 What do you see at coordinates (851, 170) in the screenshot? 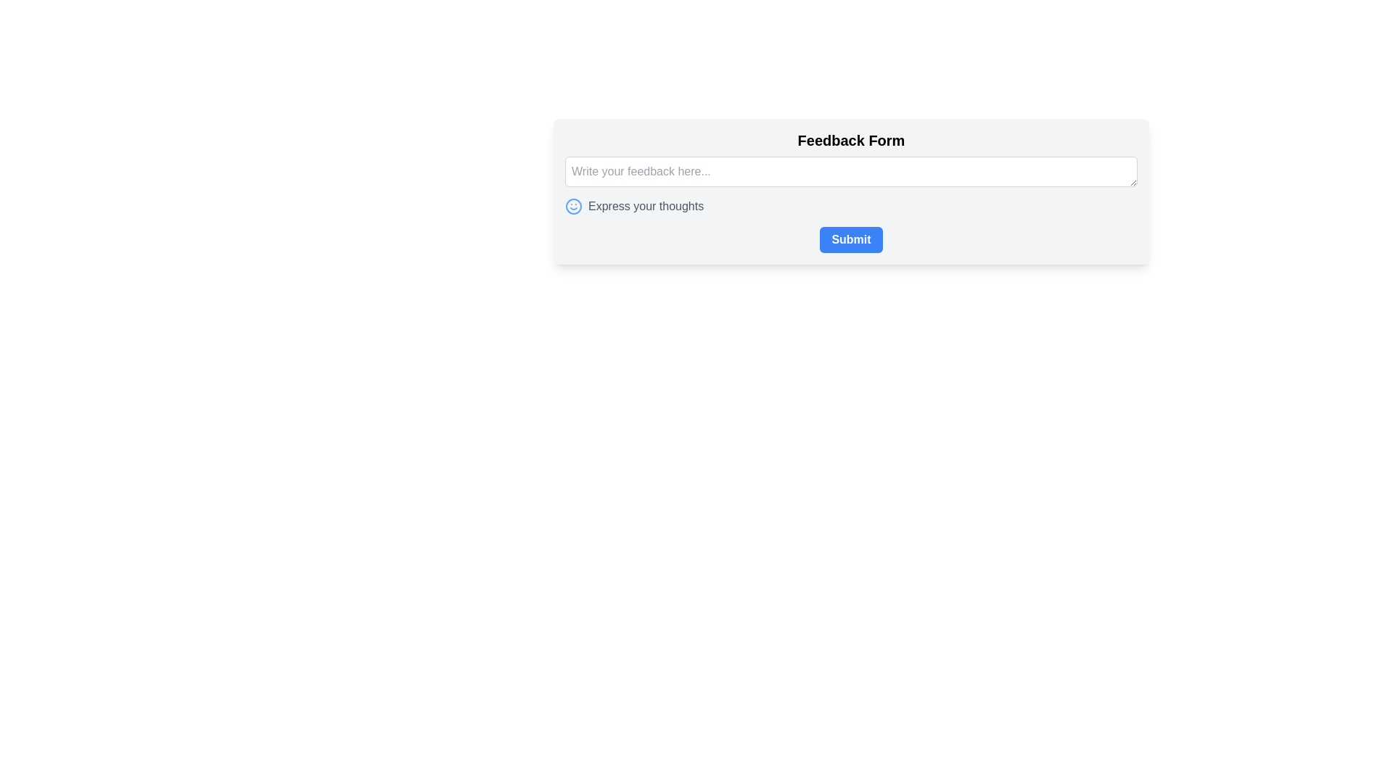
I see `the text input field located below the 'Feedback Form' heading` at bounding box center [851, 170].